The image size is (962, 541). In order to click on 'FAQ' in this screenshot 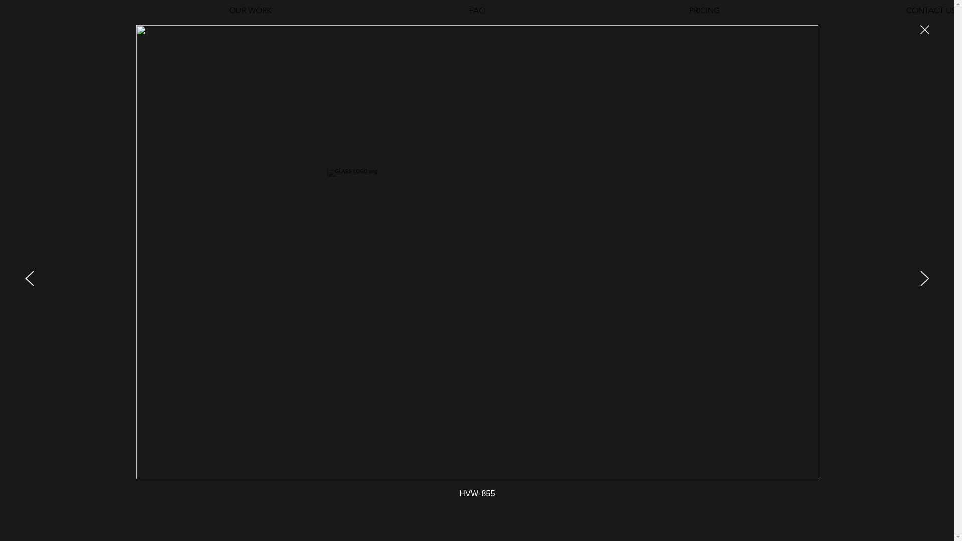, I will do `click(476, 10)`.